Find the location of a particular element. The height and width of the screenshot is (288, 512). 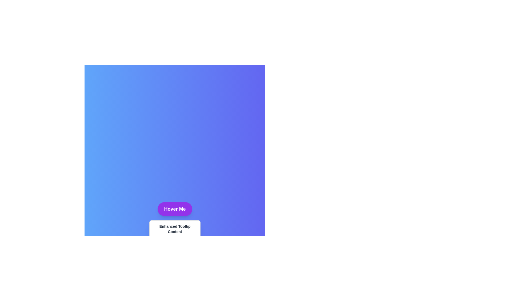

content displayed in the tooltip that appears below the 'Hover Me' button when interacted with is located at coordinates (175, 229).